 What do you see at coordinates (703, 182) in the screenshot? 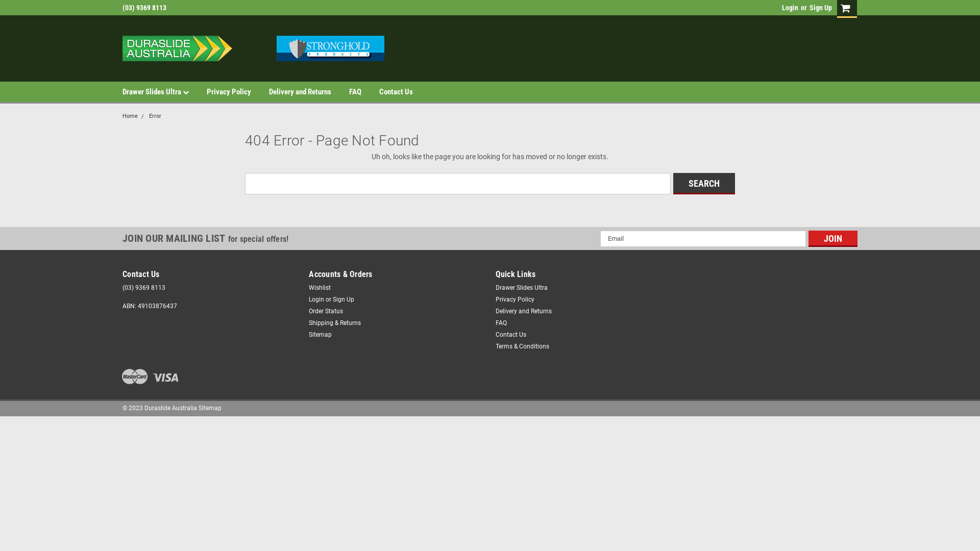
I see `'Search'` at bounding box center [703, 182].